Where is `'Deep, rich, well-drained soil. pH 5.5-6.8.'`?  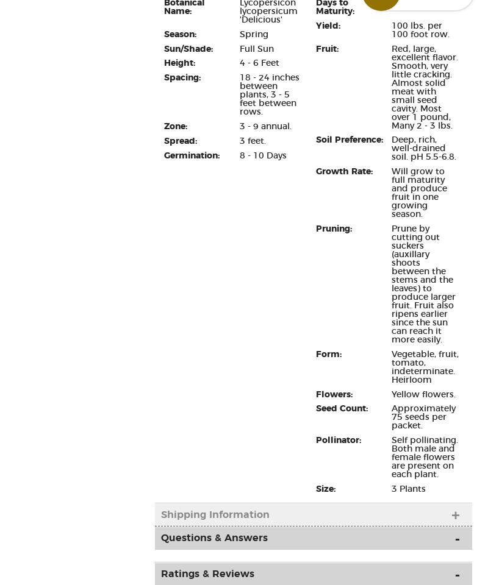 'Deep, rich, well-drained soil. pH 5.5-6.8.' is located at coordinates (423, 148).